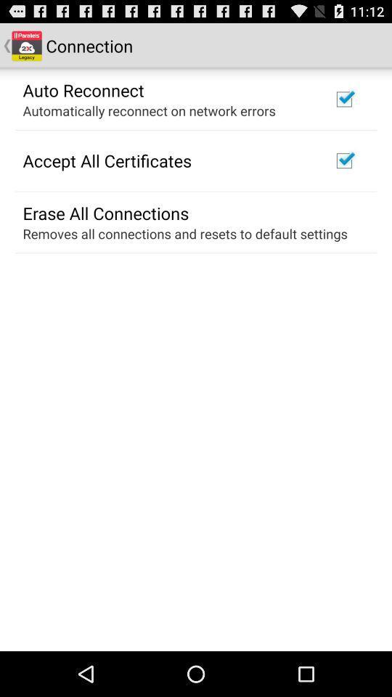 This screenshot has width=392, height=697. I want to click on the automatically reconnect on item, so click(148, 110).